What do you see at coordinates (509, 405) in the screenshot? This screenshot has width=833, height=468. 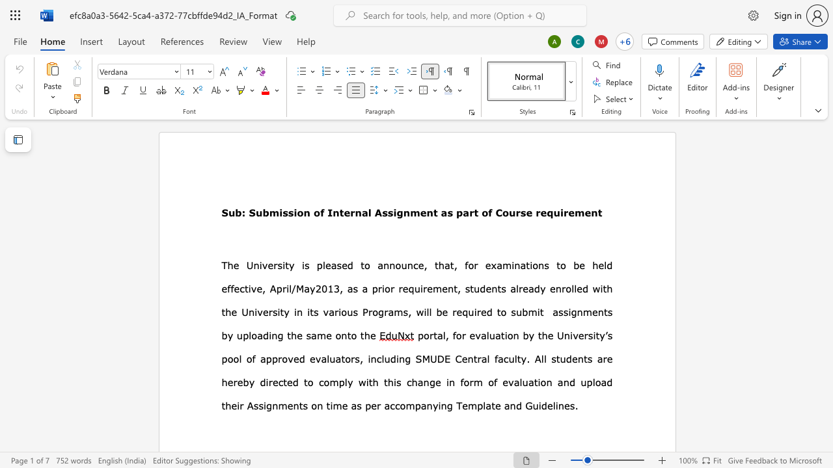 I see `the space between the continuous character "a" and "n" in the text` at bounding box center [509, 405].